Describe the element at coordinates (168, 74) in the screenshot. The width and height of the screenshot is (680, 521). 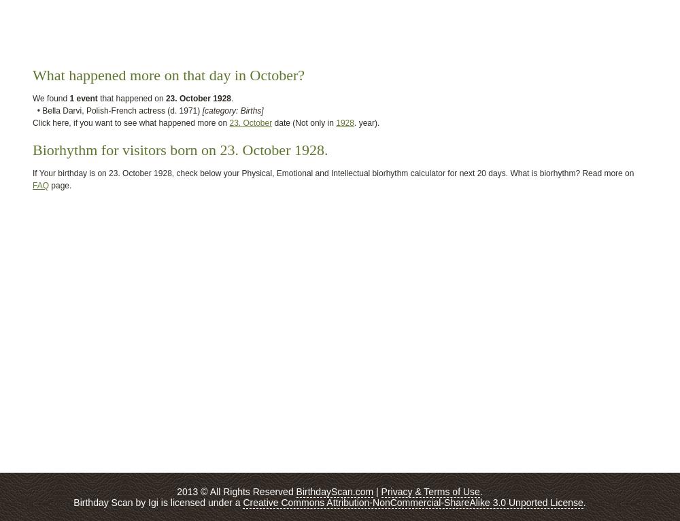
I see `'What happened more on that day in October?'` at that location.